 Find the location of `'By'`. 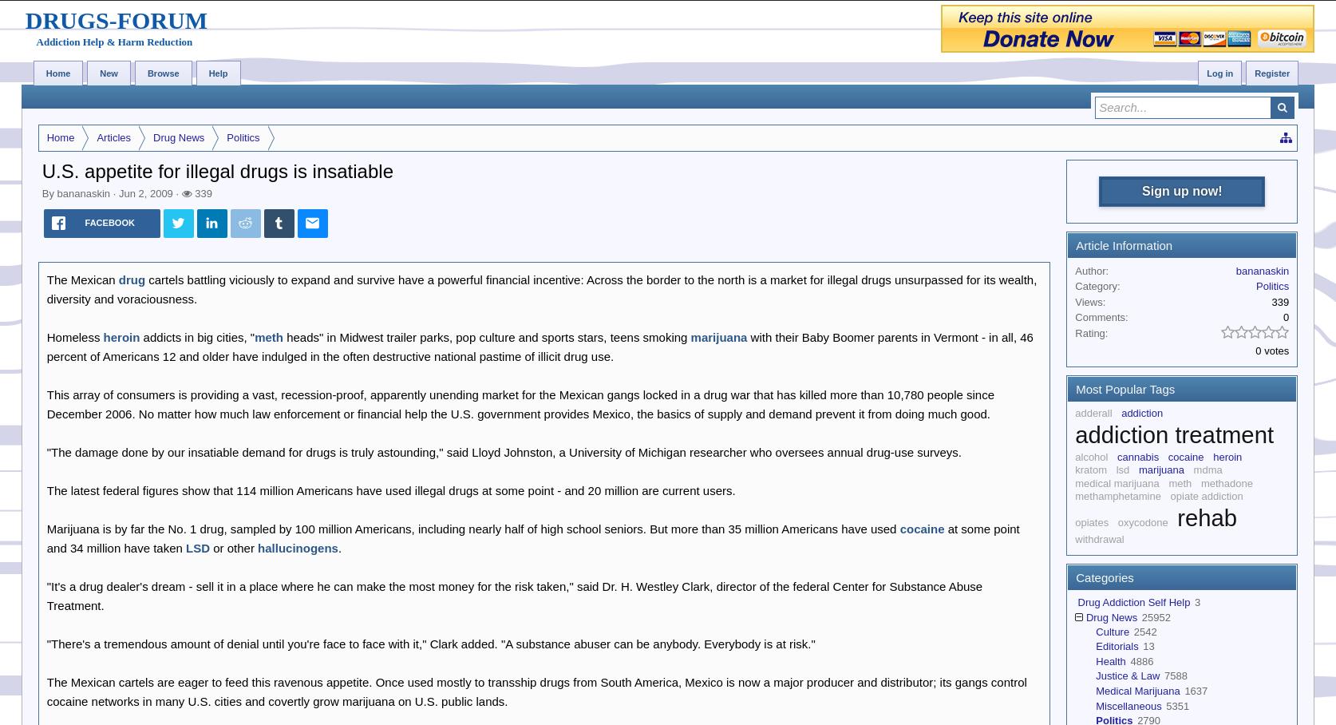

'By' is located at coordinates (49, 192).